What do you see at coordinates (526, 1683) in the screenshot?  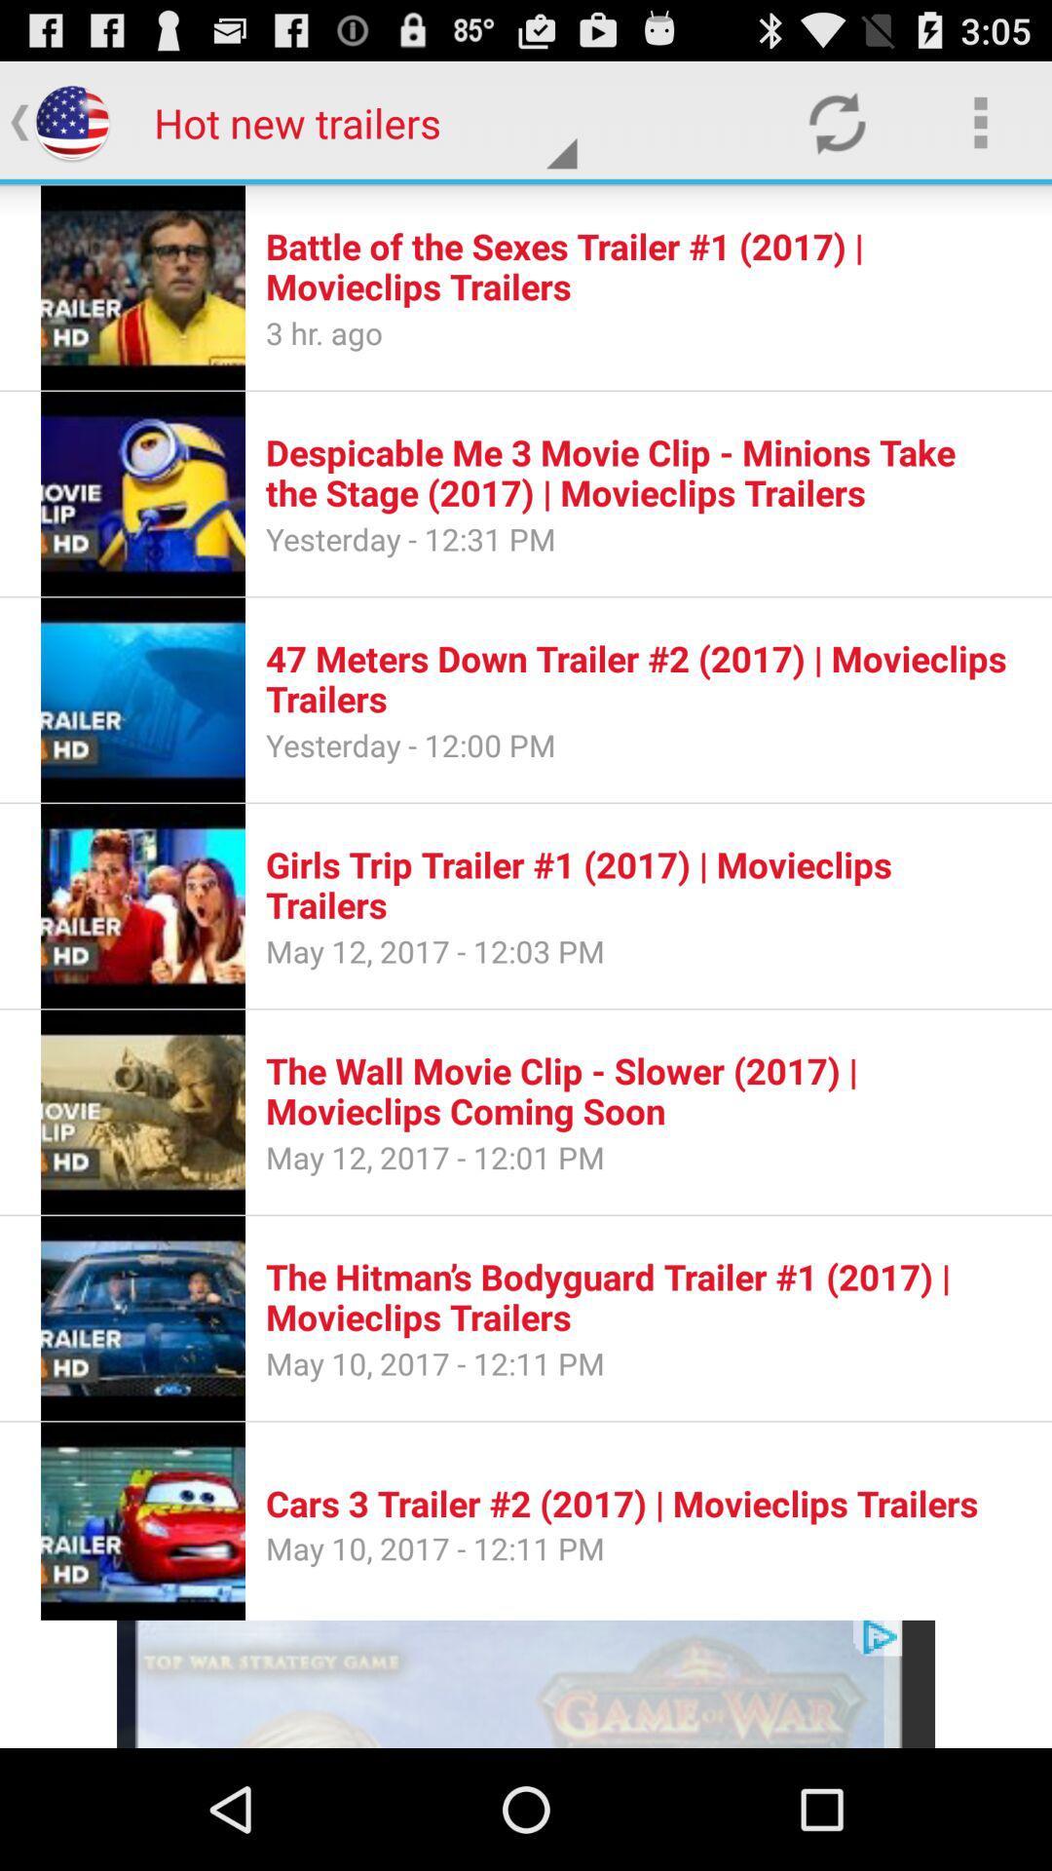 I see `see advertisement` at bounding box center [526, 1683].